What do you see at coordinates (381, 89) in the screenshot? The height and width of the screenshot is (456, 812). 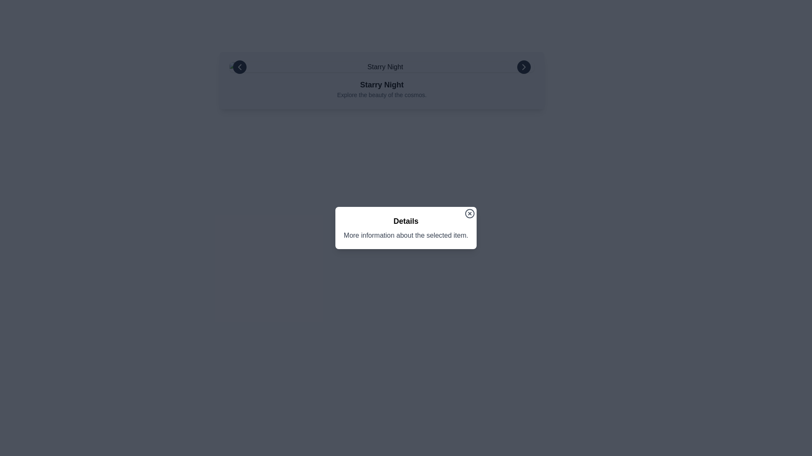 I see `the Text Block element that provides a title and subtitle about the content, located centrally below the 'Starry Night' title bar and between navigation arrow buttons` at bounding box center [381, 89].